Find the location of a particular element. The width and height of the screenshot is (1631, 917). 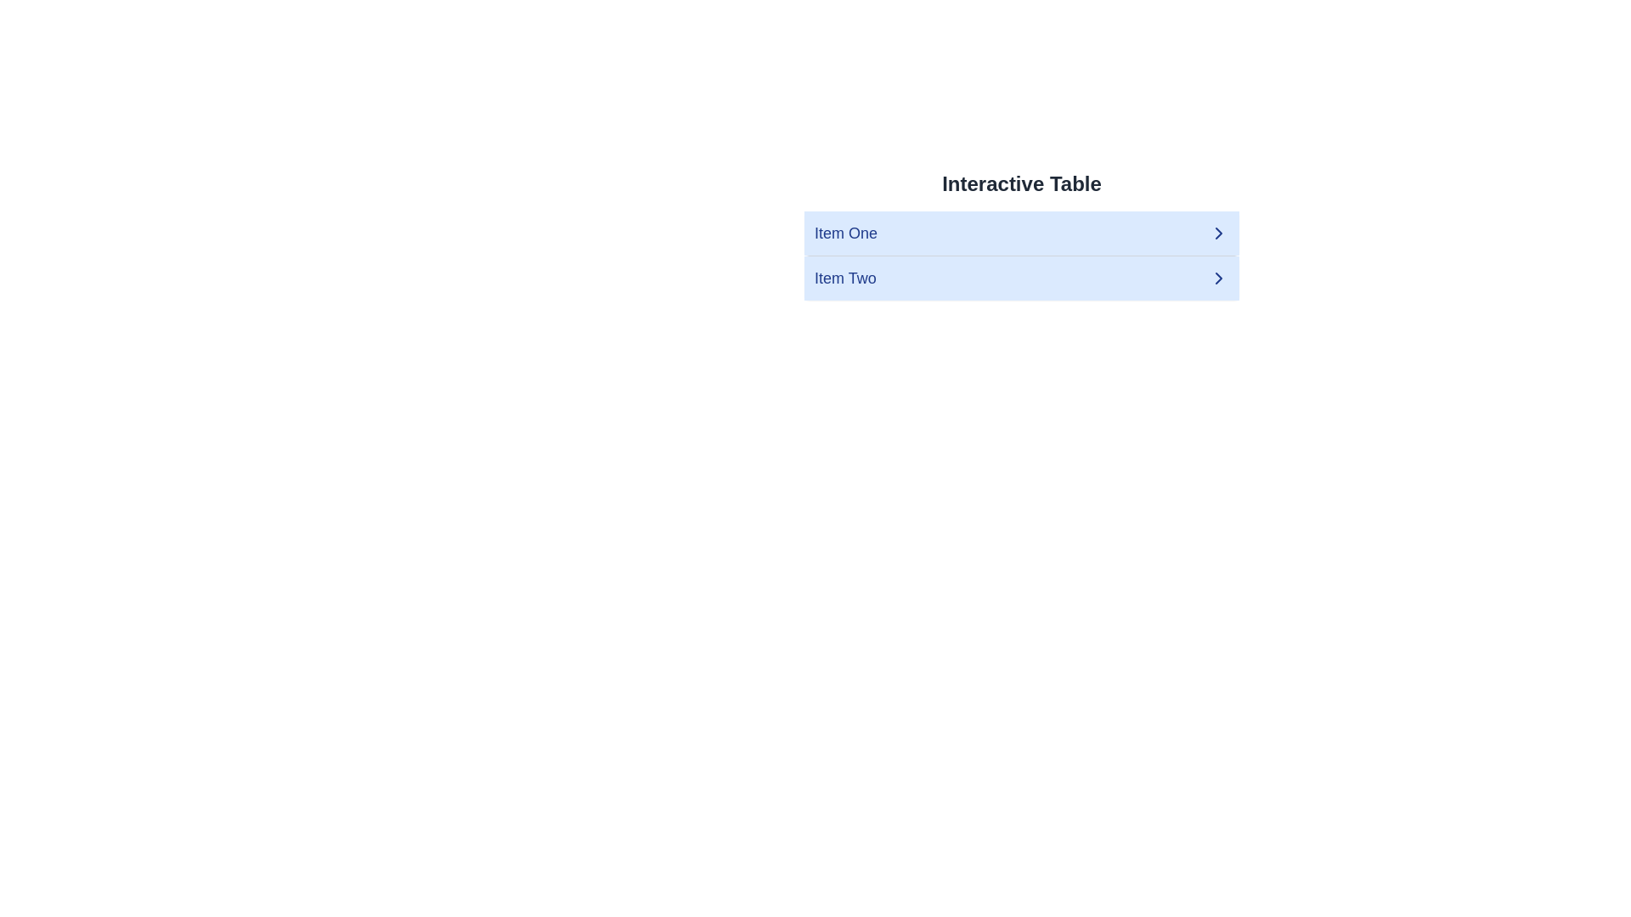

the chevron icon located on the far-right side of the 'Item One' row in the interactive table is located at coordinates (1218, 233).